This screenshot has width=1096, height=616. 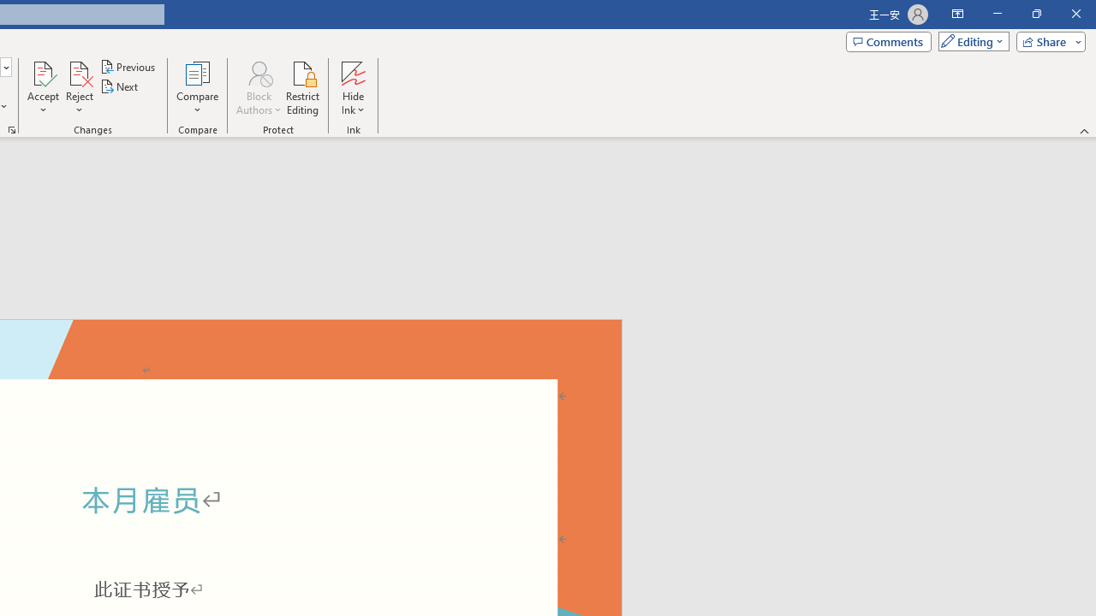 I want to click on 'Hide Ink', so click(x=352, y=72).